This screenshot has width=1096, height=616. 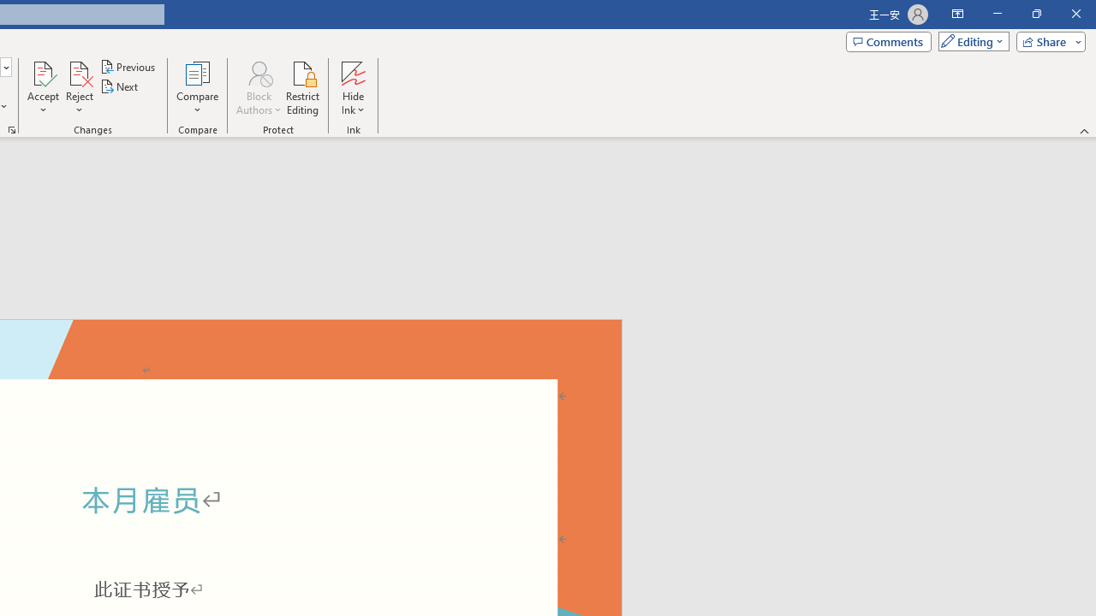 I want to click on 'Hide Ink', so click(x=352, y=72).